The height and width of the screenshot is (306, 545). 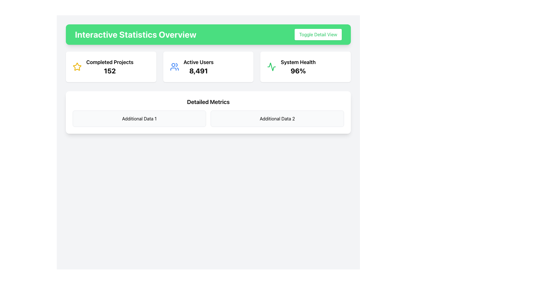 I want to click on the text block displaying the current statistic of active users in the system, located in the middle of the interface as the central content of the second card, so click(x=198, y=66).